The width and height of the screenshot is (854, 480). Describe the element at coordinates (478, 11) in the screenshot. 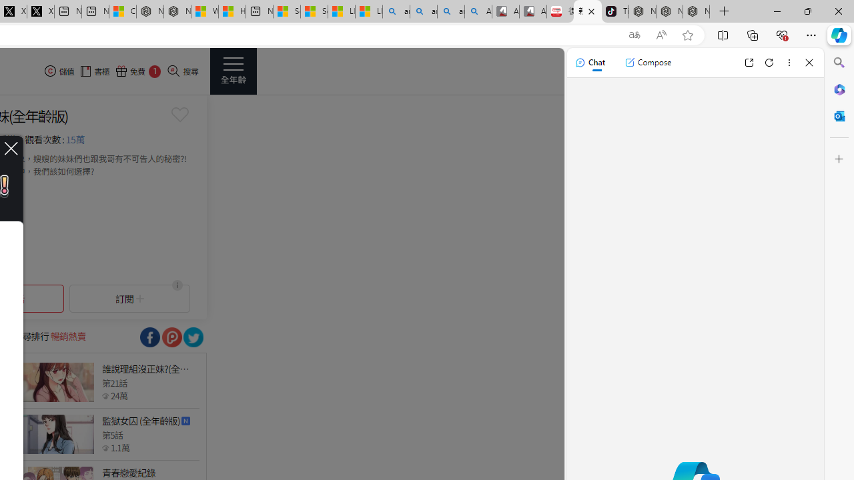

I see `'Amazon Echo Robot - Search Images'` at that location.